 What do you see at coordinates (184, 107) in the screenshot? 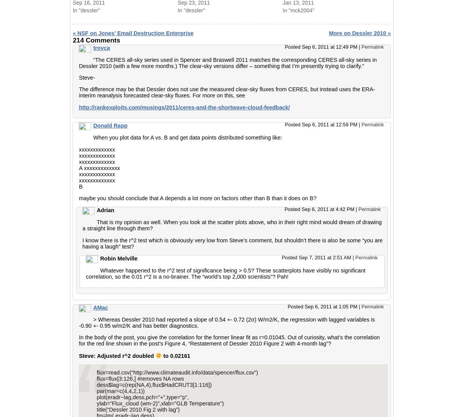
I see `'http://rankexploits.com/musings/2011/ceres-and-the-shortwave-cloud-feedback/'` at bounding box center [184, 107].